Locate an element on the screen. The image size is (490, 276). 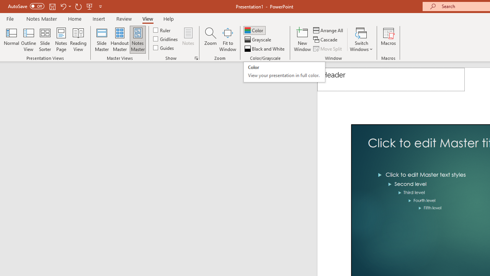
'Outline View' is located at coordinates (28, 39).